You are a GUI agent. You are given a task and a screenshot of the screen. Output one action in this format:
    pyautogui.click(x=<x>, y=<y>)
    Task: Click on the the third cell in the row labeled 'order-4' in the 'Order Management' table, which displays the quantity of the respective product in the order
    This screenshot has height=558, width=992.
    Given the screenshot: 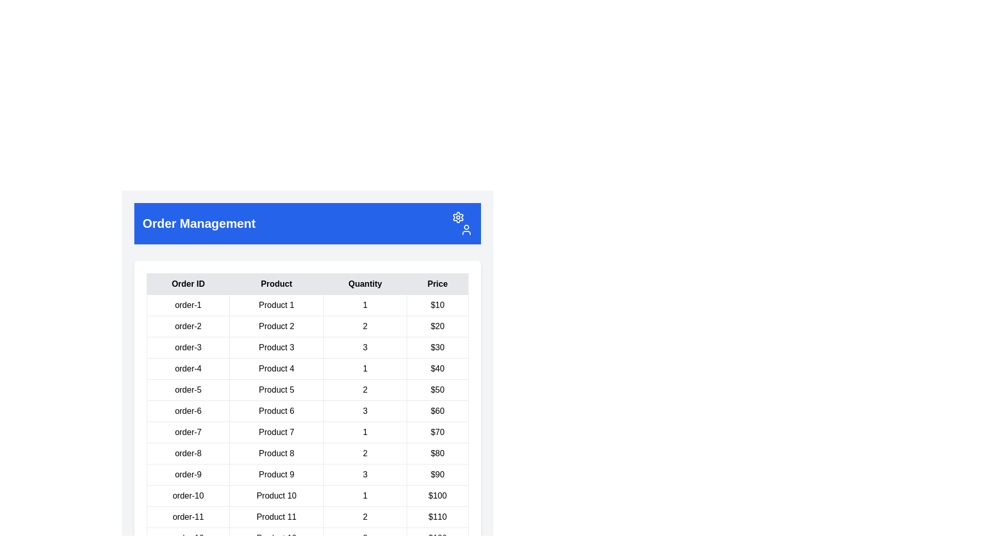 What is the action you would take?
    pyautogui.click(x=365, y=368)
    